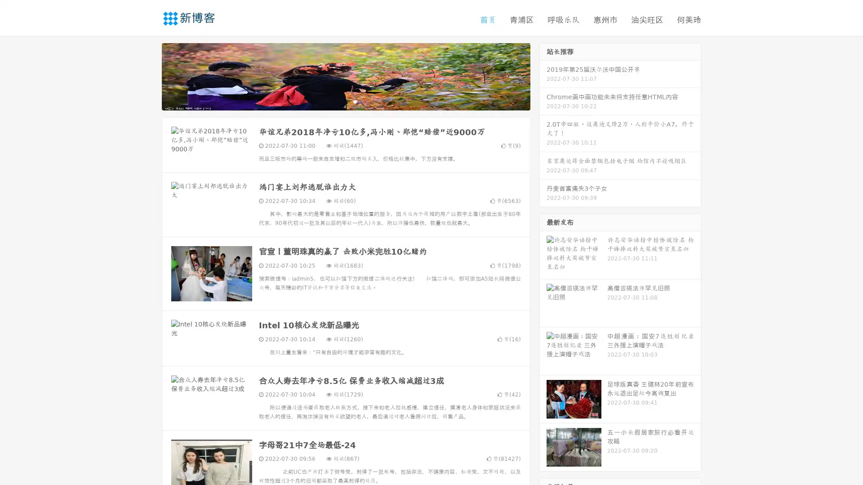 This screenshot has height=485, width=863. Describe the element at coordinates (345, 101) in the screenshot. I see `Go to slide 2` at that location.